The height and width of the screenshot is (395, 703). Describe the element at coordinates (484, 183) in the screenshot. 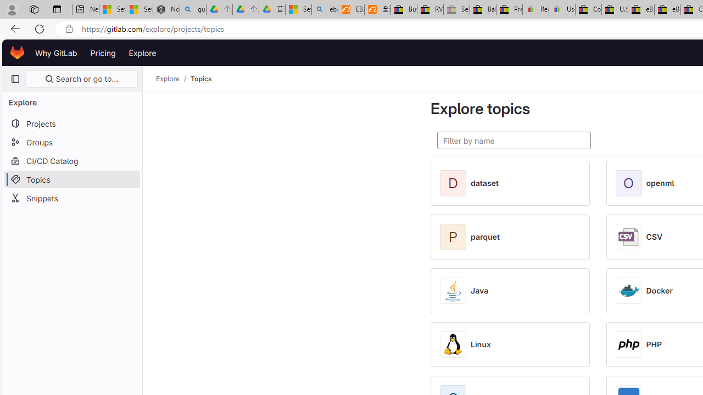

I see `'dataset'` at that location.